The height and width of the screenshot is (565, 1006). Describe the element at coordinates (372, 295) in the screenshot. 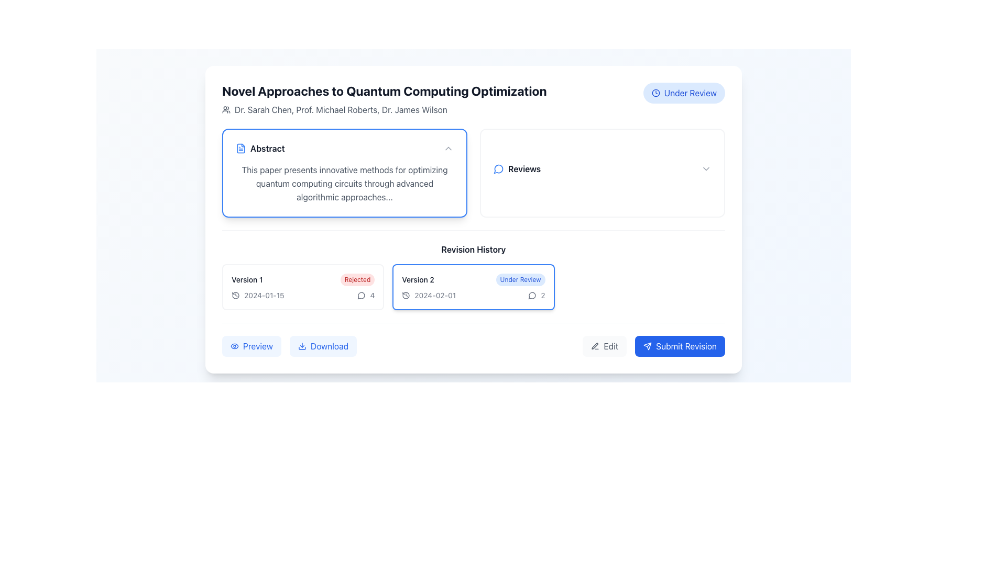

I see `text label displaying the number '4', which is located immediately to the right of a speech bubble icon in the revision history segment under 'Version 2'` at that location.